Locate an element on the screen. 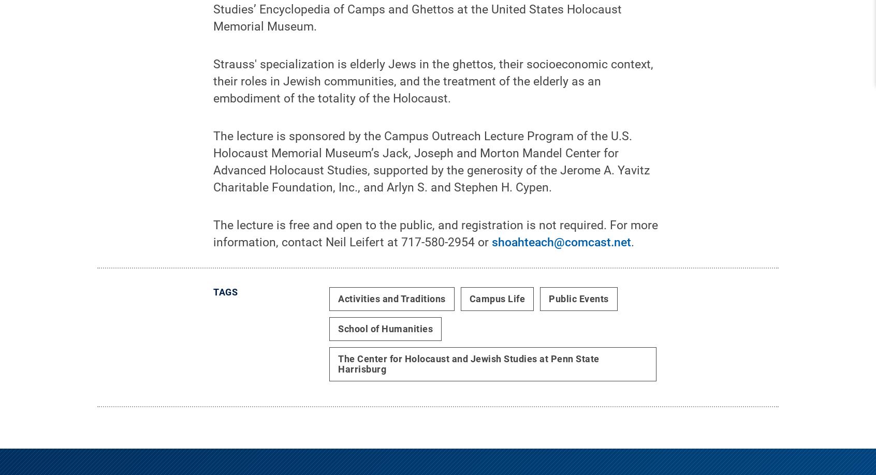 The height and width of the screenshot is (475, 876). 'The lecture is sponsored by the Campus Outreach Lecture Program of the U.S. Holocaust Memorial Museum’s Jack, Joseph and Morton Mandel Center for Advanced Holocaust Studies, supported by the generosity of the Jerome A. Yavitz Charitable Foundation, Inc., and Arlyn S. and Stephen H. Cypen.' is located at coordinates (431, 170).